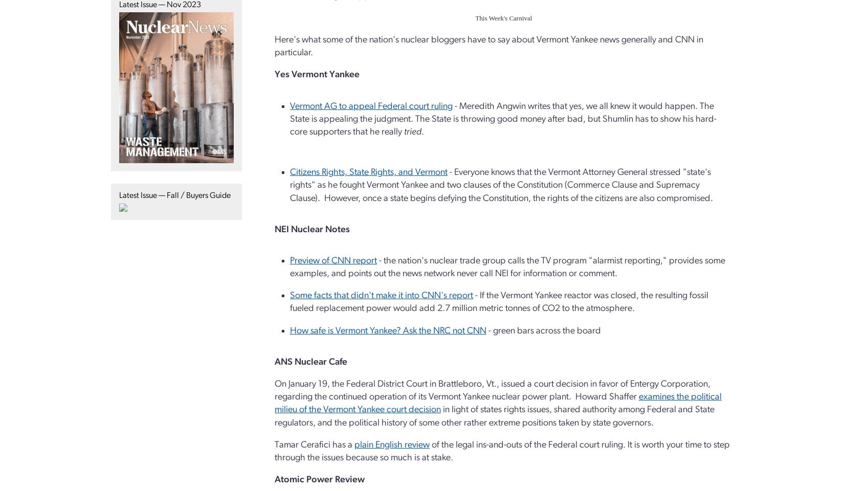 The width and height of the screenshot is (849, 491). What do you see at coordinates (502, 450) in the screenshot?
I see `'of the legal ins-and-outs of the Federal court ruling. It is worth your time to step through the issues because so much is at stake.'` at bounding box center [502, 450].